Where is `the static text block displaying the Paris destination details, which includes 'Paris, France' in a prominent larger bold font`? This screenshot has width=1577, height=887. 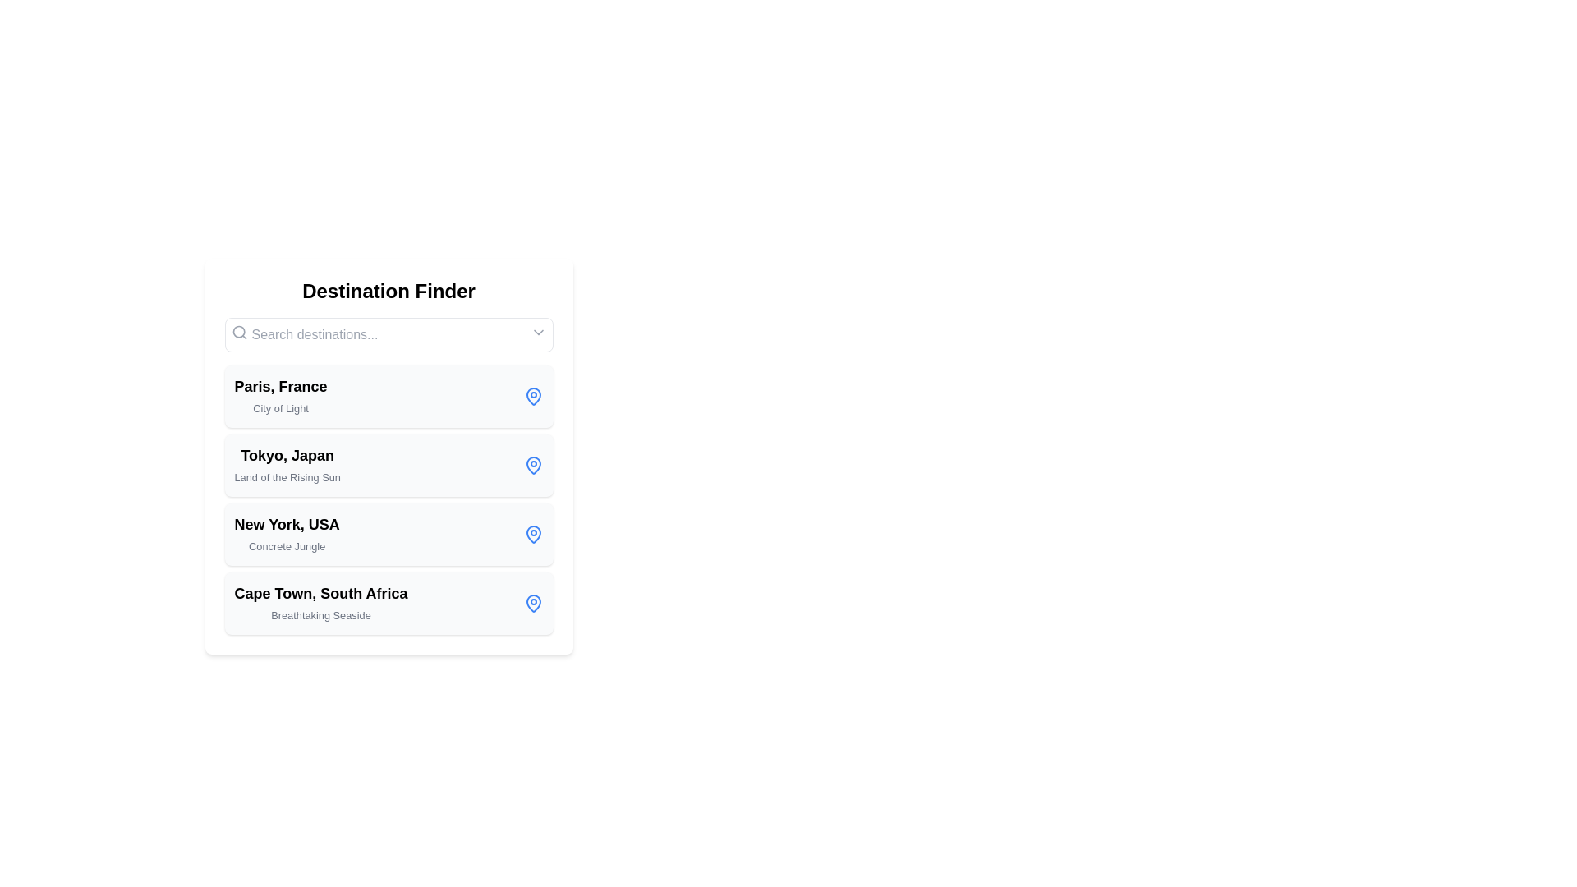 the static text block displaying the Paris destination details, which includes 'Paris, France' in a prominent larger bold font is located at coordinates (280, 396).